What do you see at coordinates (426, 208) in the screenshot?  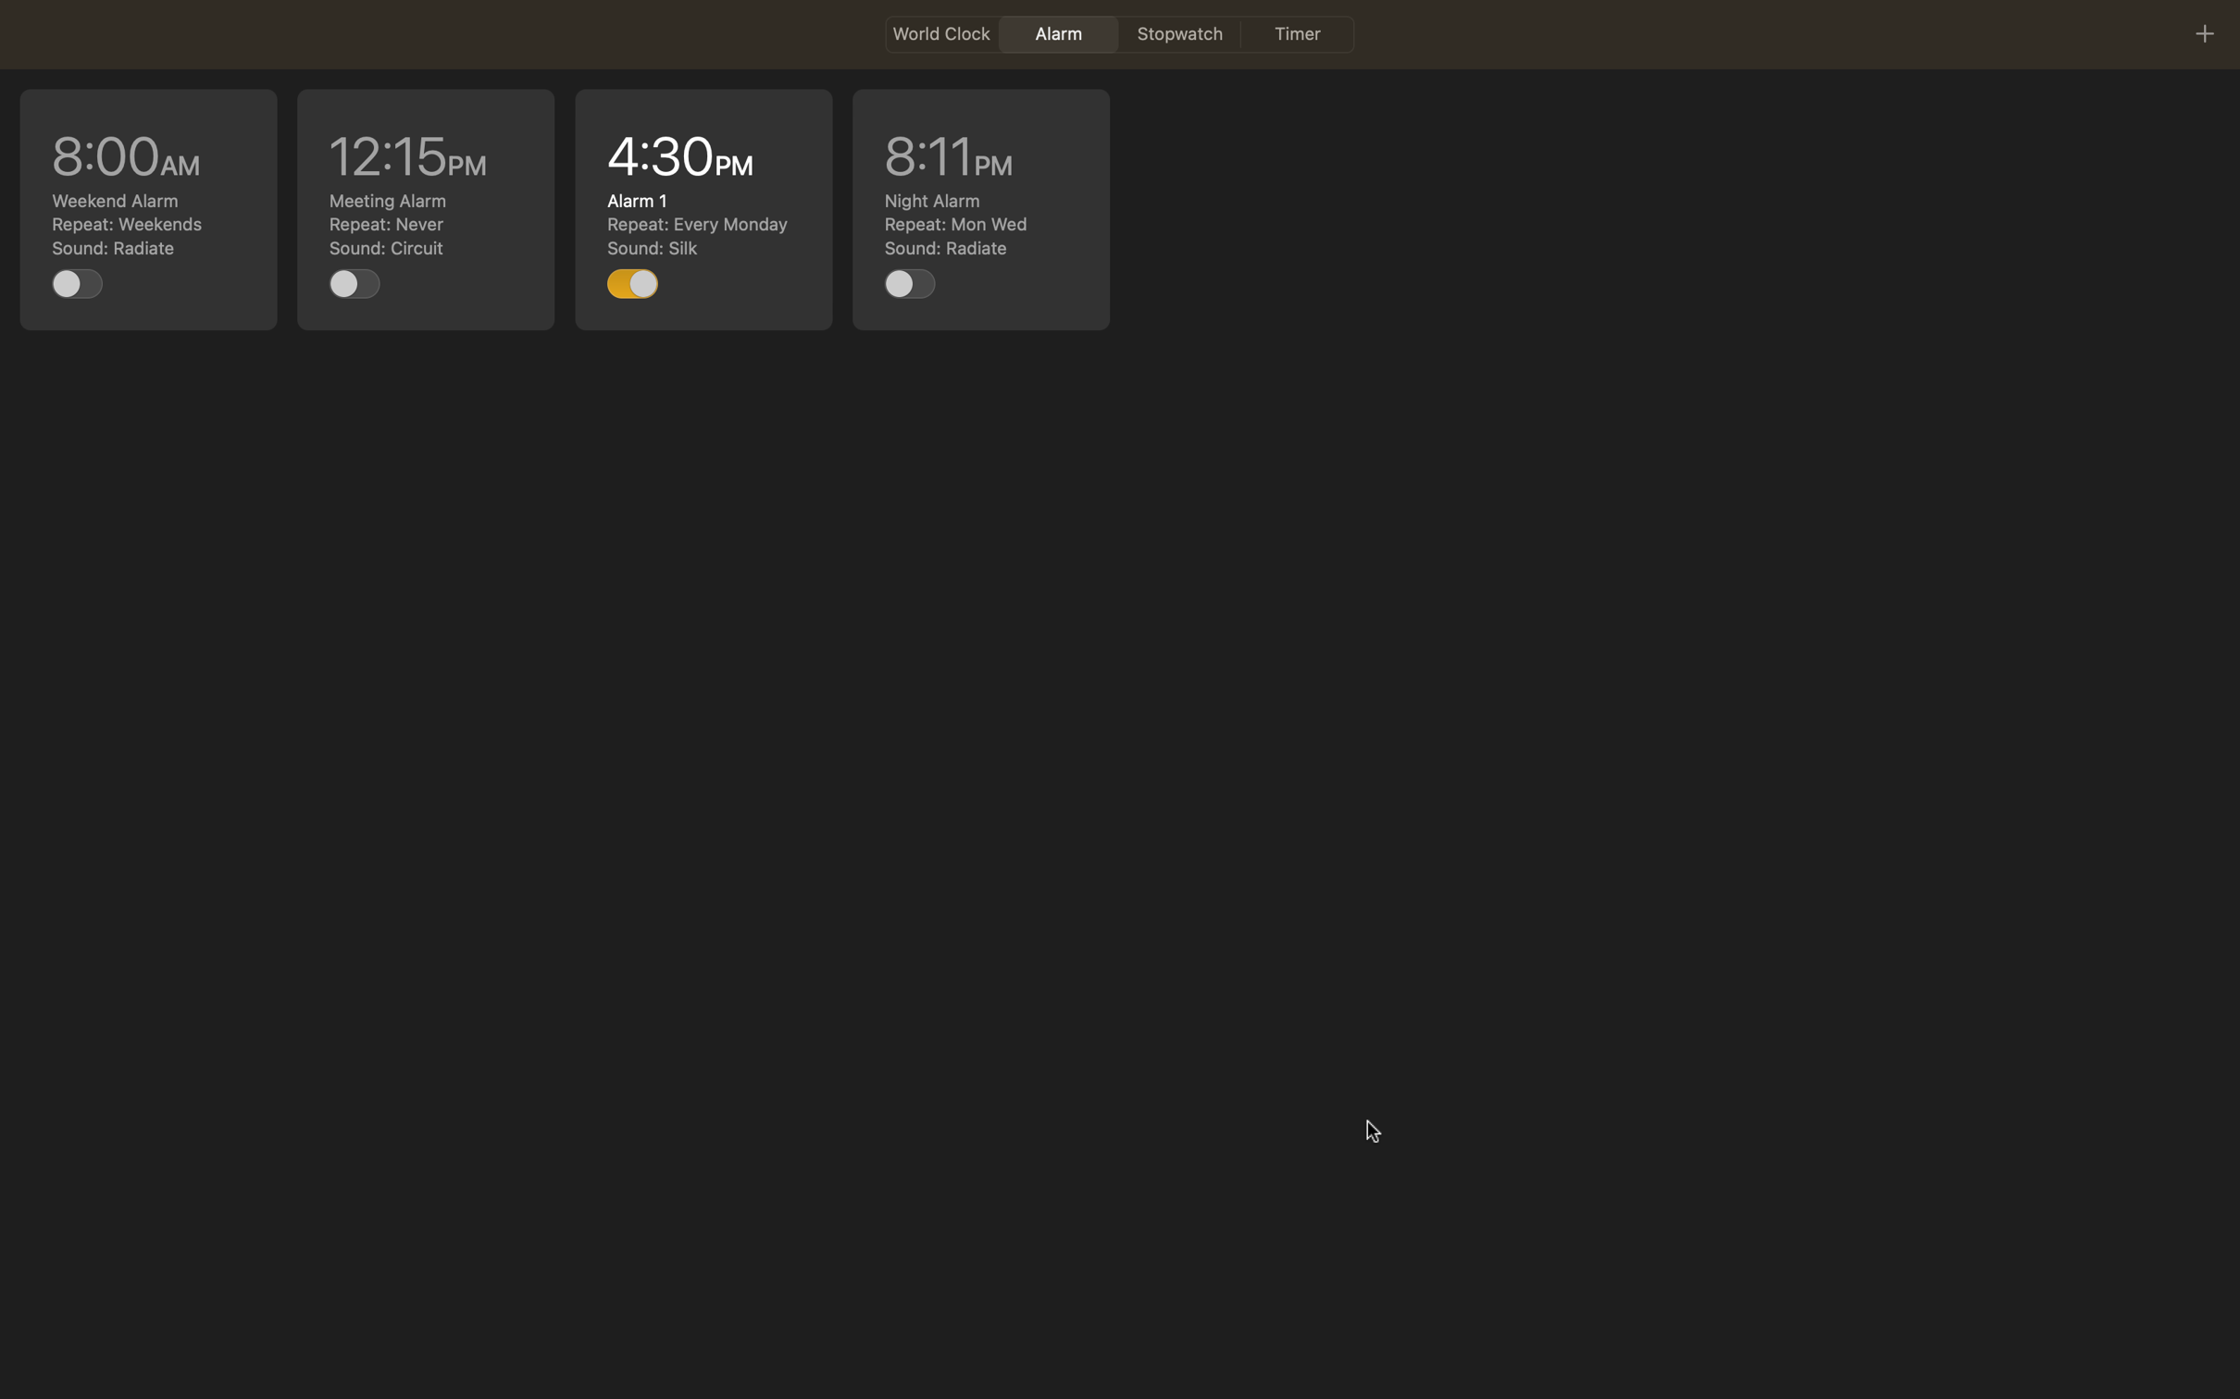 I see `Edit the 12pm event` at bounding box center [426, 208].